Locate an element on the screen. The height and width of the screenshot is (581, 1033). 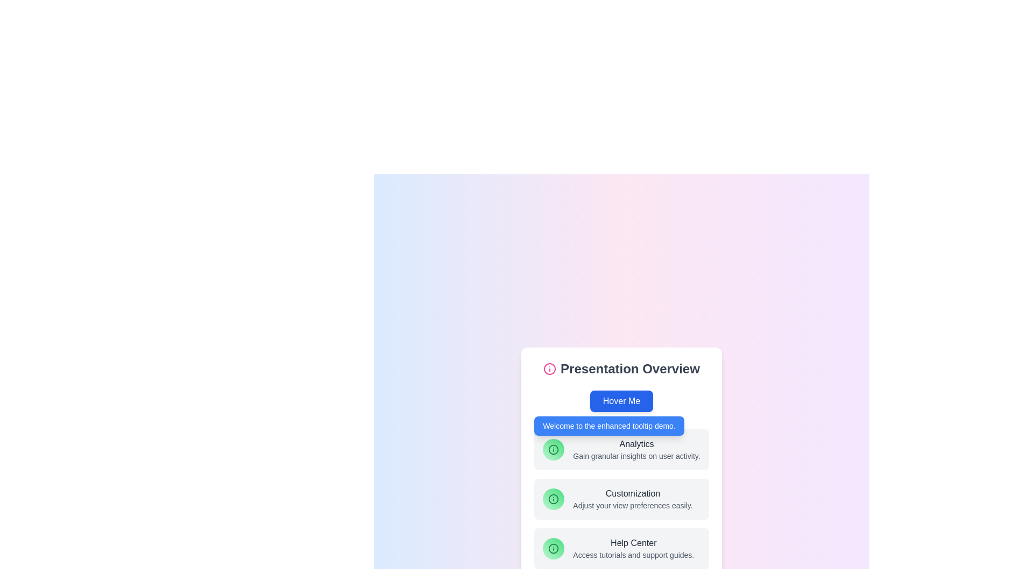
title text 'Presentation Overview' which is styled in bold and is located at the top of the content section, adjacent to a pink circular 'info' icon is located at coordinates (621, 369).